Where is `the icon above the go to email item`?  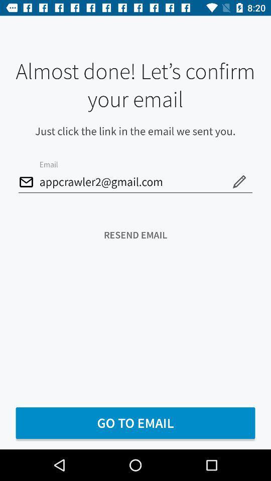 the icon above the go to email item is located at coordinates (135, 235).